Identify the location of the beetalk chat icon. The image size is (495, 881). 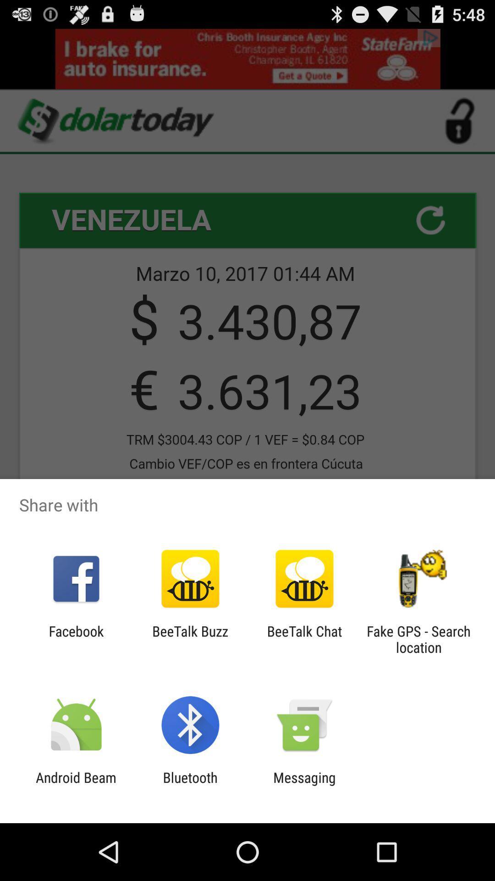
(304, 639).